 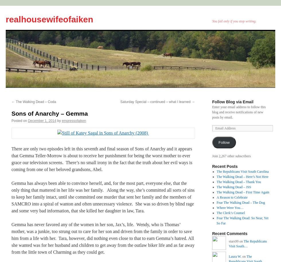 What do you see at coordinates (243, 172) in the screenshot?
I see `'The Republicans Visit South Carolina'` at bounding box center [243, 172].